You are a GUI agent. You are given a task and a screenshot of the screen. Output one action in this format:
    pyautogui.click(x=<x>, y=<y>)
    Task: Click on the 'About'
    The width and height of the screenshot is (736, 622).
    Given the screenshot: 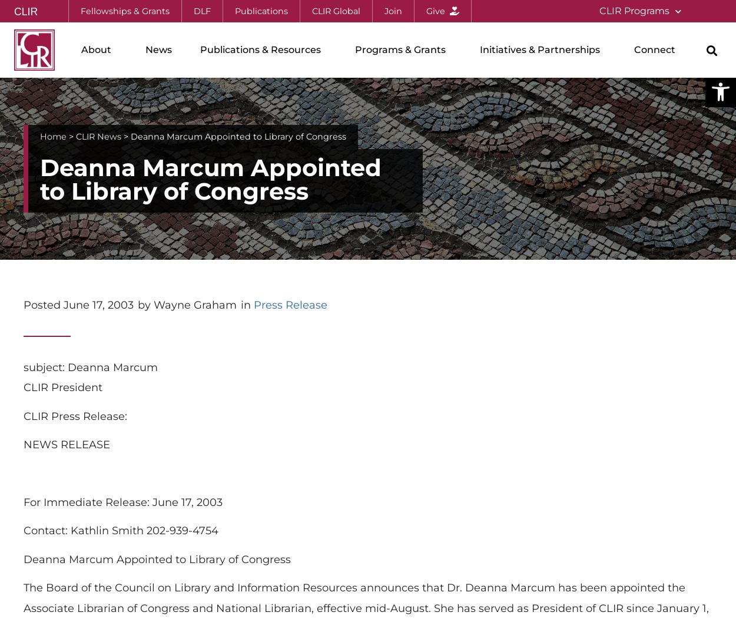 What is the action you would take?
    pyautogui.click(x=95, y=49)
    